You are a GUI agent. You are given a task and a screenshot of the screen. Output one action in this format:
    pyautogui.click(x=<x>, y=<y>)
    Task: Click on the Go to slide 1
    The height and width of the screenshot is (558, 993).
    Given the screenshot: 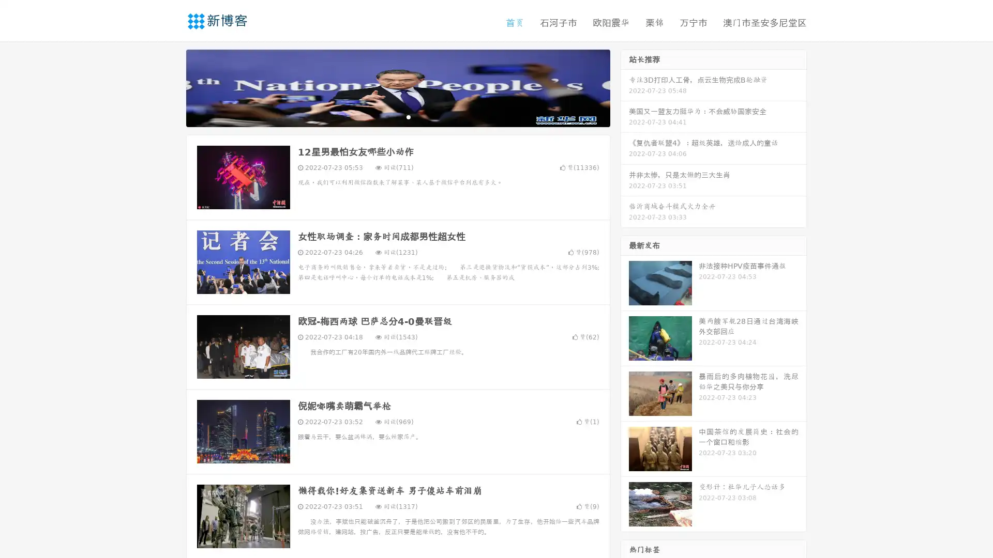 What is the action you would take?
    pyautogui.click(x=387, y=116)
    